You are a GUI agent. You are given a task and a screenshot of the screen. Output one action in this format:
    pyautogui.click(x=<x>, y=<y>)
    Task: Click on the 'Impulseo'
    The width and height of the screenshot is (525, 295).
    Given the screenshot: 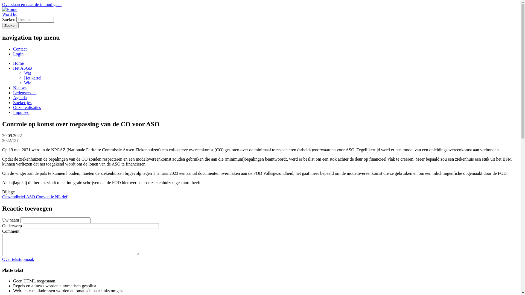 What is the action you would take?
    pyautogui.click(x=13, y=112)
    